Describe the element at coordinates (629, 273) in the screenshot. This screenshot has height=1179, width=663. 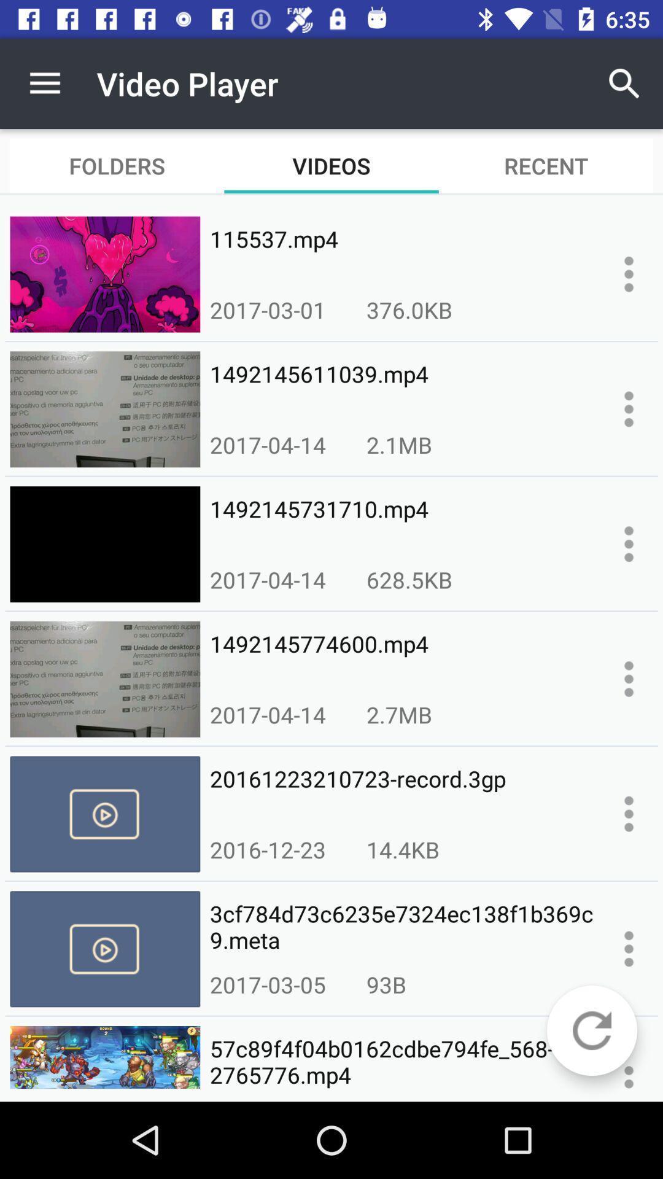
I see `open context menu` at that location.